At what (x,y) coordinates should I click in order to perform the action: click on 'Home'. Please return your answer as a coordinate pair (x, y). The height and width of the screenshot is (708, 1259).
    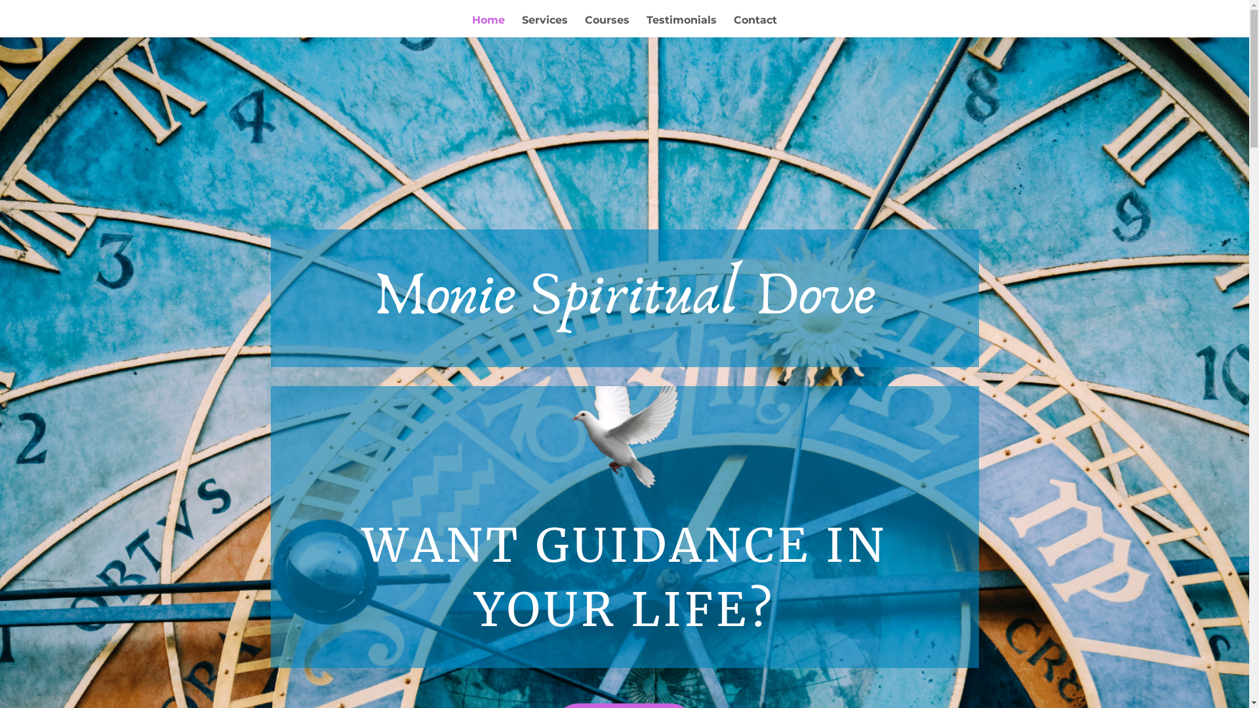
    Looking at the image, I should click on (487, 26).